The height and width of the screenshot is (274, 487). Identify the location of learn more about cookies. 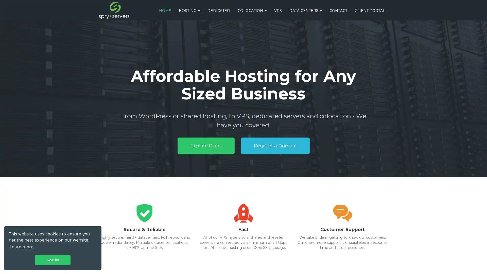
(21, 247).